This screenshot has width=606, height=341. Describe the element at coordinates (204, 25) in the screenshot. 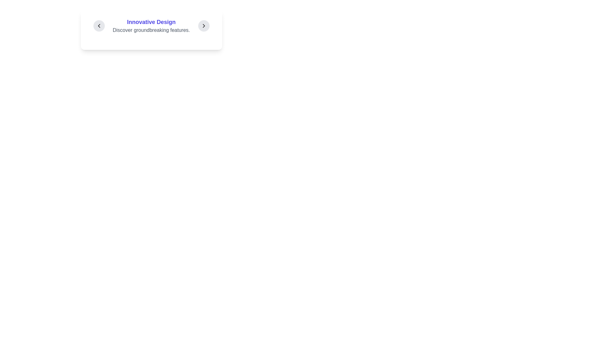

I see `the navigation button (icon) located on the right side of the header labeled 'Innovative Design'` at that location.